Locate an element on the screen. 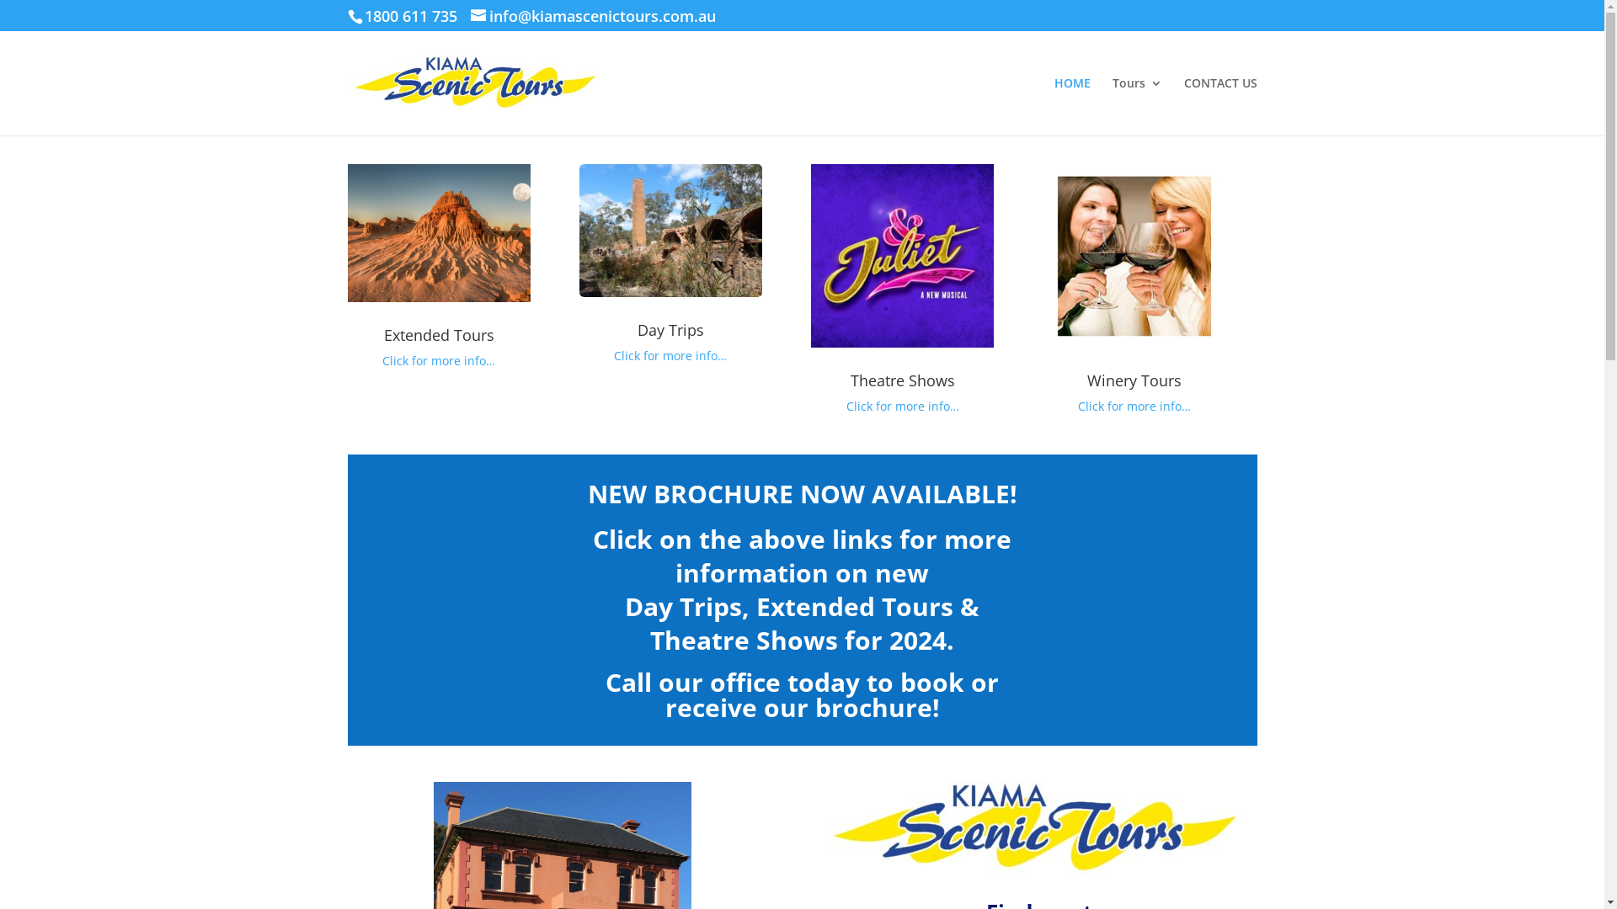 This screenshot has width=1617, height=909. '1800 611 735' is located at coordinates (363, 16).